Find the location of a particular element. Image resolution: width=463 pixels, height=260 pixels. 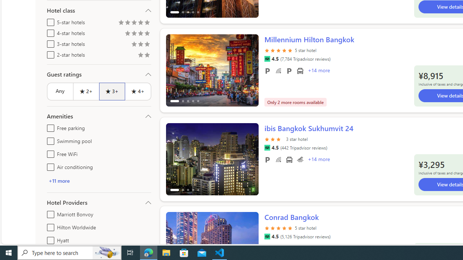

'4+' is located at coordinates (138, 91).